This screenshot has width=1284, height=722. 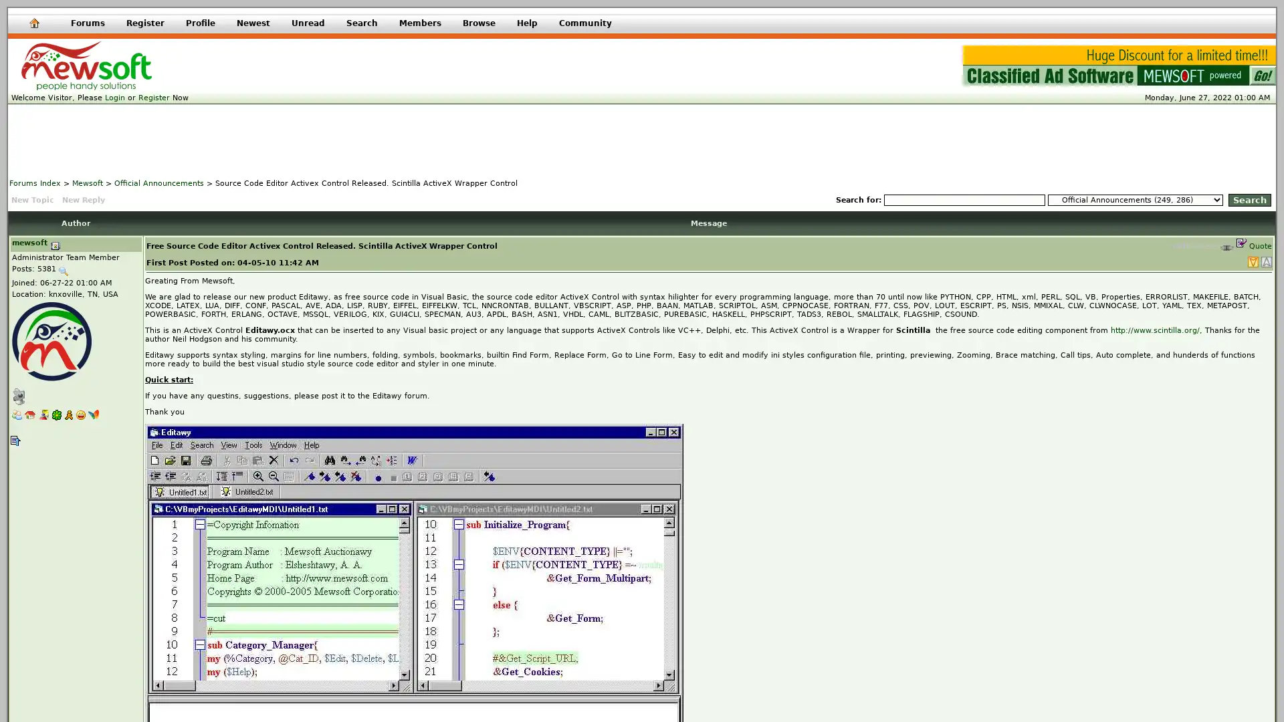 What do you see at coordinates (1249, 200) in the screenshot?
I see `Search` at bounding box center [1249, 200].